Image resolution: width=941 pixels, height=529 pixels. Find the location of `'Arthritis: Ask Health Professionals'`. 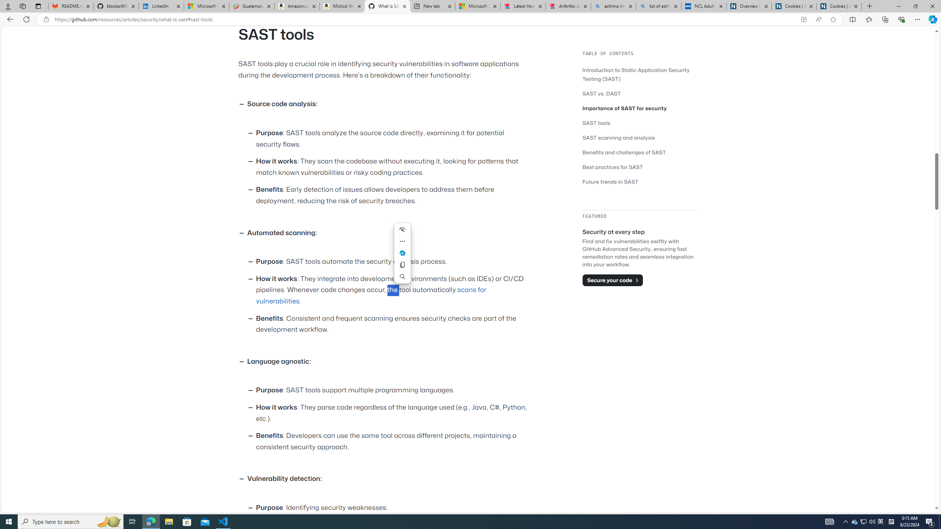

'Arthritis: Ask Health Professionals' is located at coordinates (568, 6).